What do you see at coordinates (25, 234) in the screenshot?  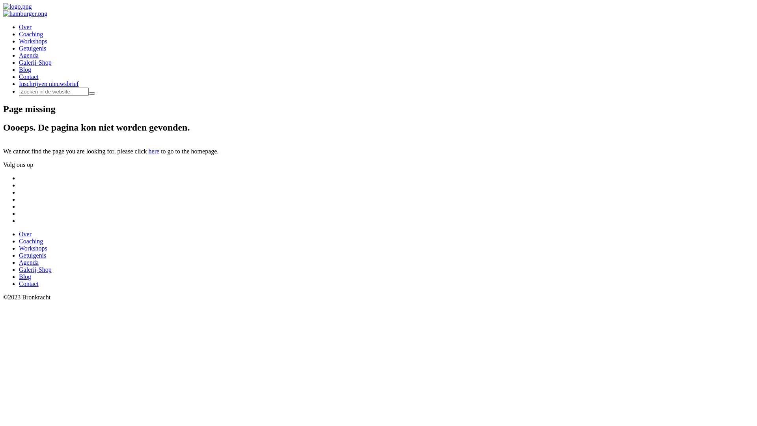 I see `'Over'` at bounding box center [25, 234].